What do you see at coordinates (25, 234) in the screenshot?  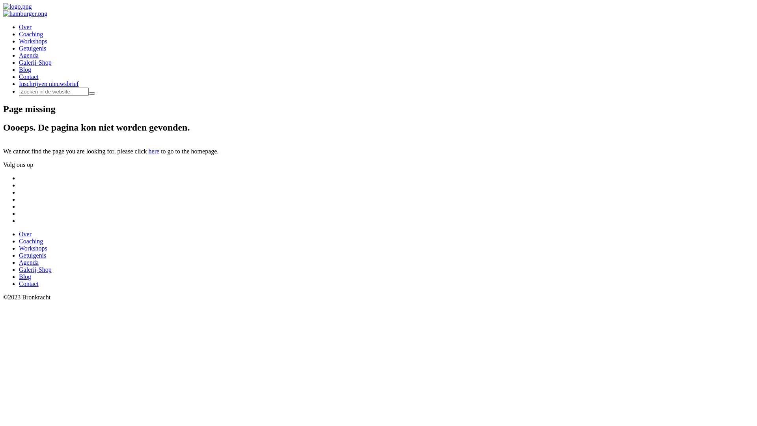 I see `'Over'` at bounding box center [25, 234].